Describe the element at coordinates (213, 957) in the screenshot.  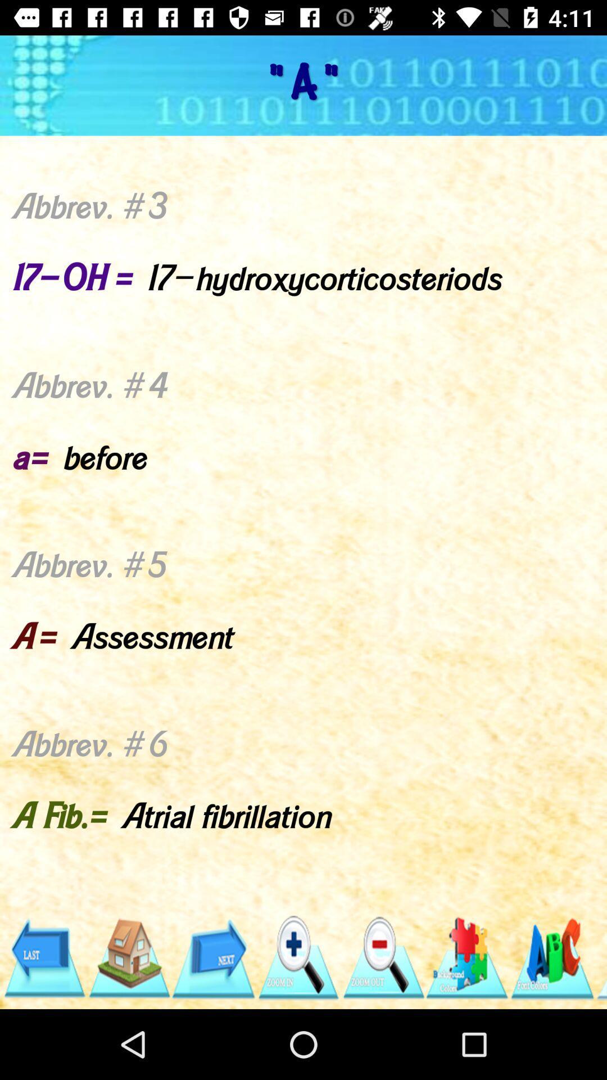
I see `app below the abbrev 	1` at that location.